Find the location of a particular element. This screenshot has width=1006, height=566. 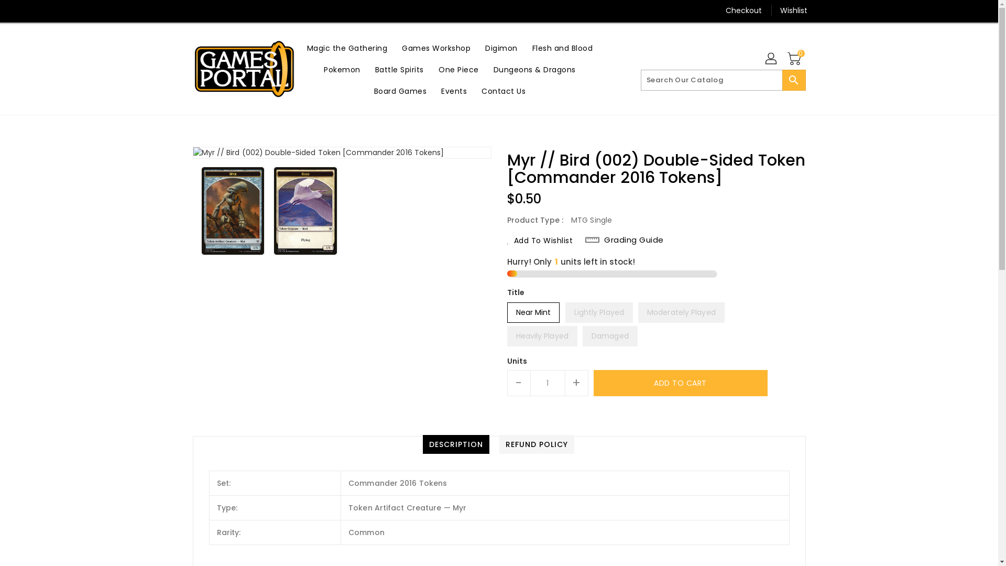

'Board Games' is located at coordinates (367, 90).